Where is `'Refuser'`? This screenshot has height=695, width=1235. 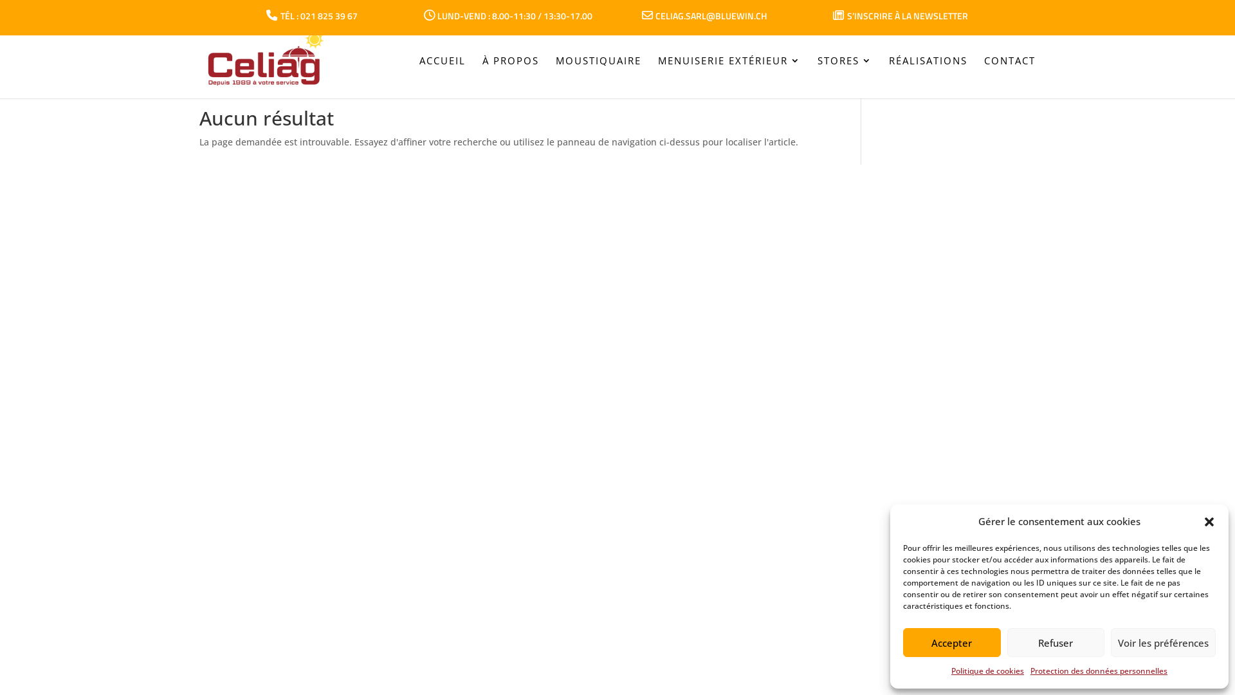 'Refuser' is located at coordinates (1056, 642).